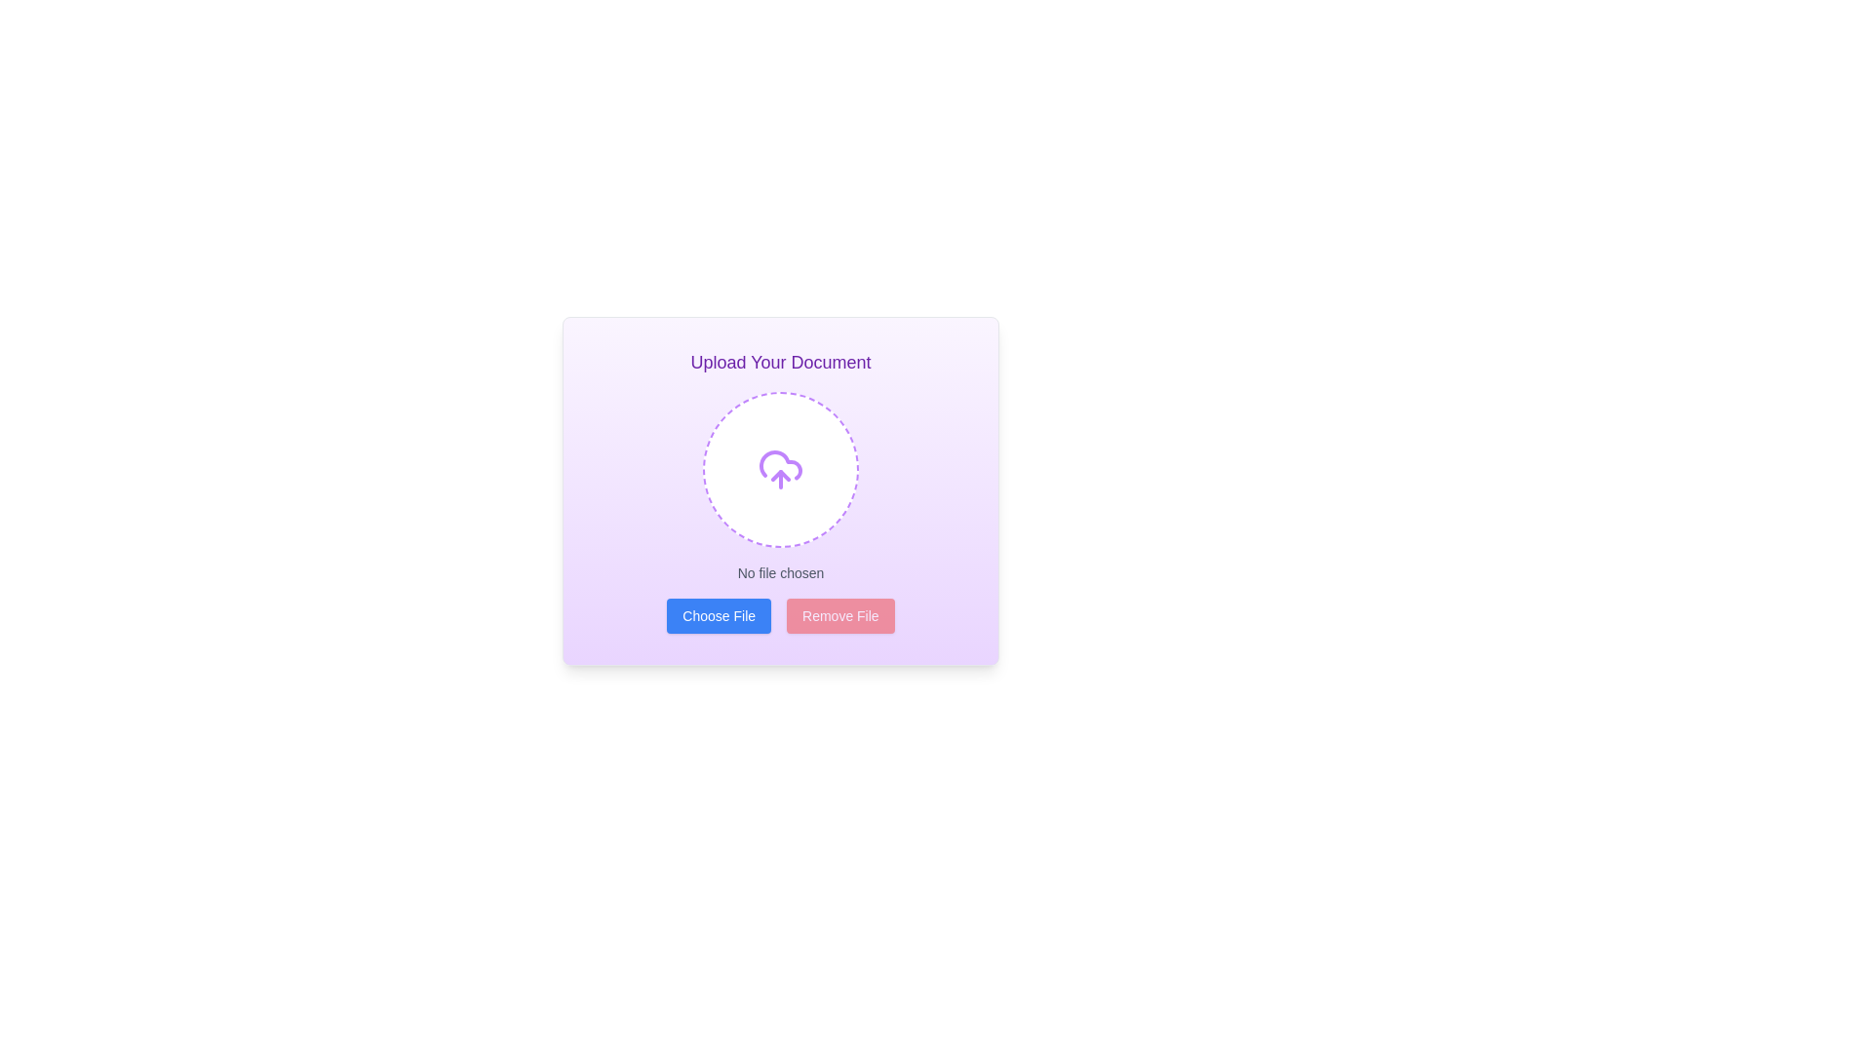 This screenshot has width=1872, height=1053. I want to click on the blue 'Choose File' button with white text, so click(718, 616).